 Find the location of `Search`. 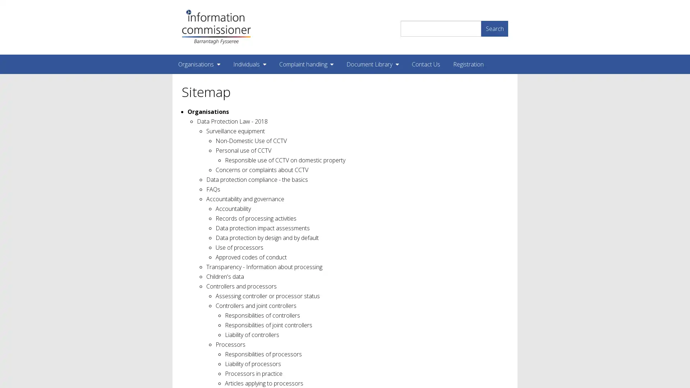

Search is located at coordinates (494, 28).